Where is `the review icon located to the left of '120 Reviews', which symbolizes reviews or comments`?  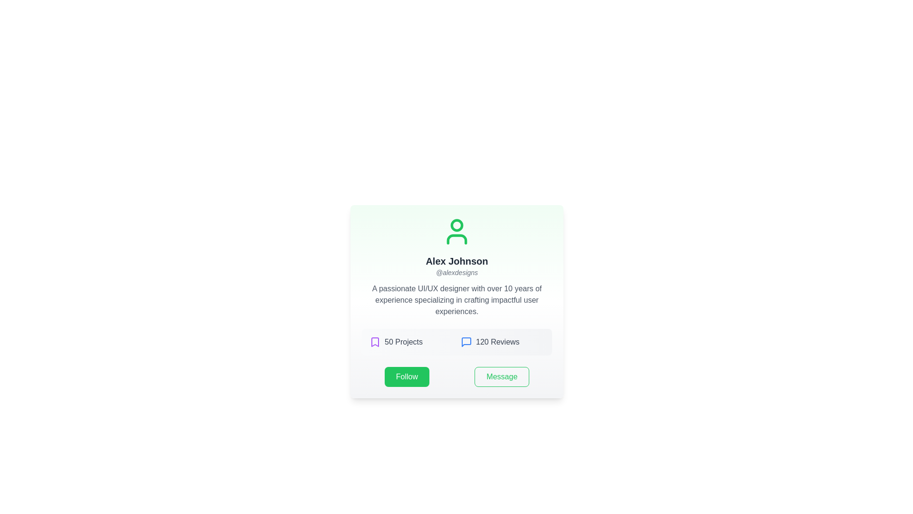 the review icon located to the left of '120 Reviews', which symbolizes reviews or comments is located at coordinates (466, 341).